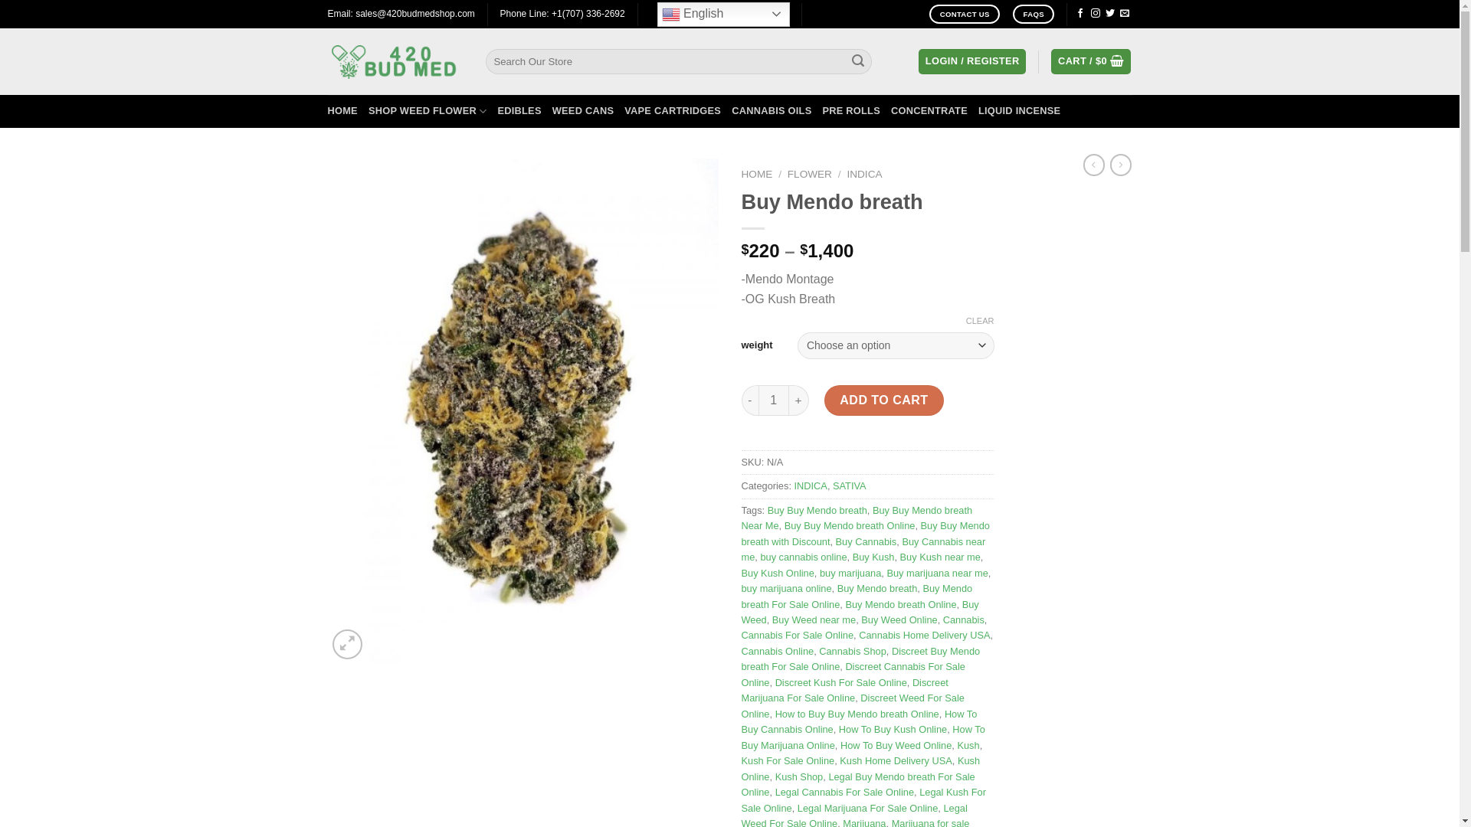 The image size is (1471, 827). Describe the element at coordinates (1033, 14) in the screenshot. I see `'FAQS'` at that location.